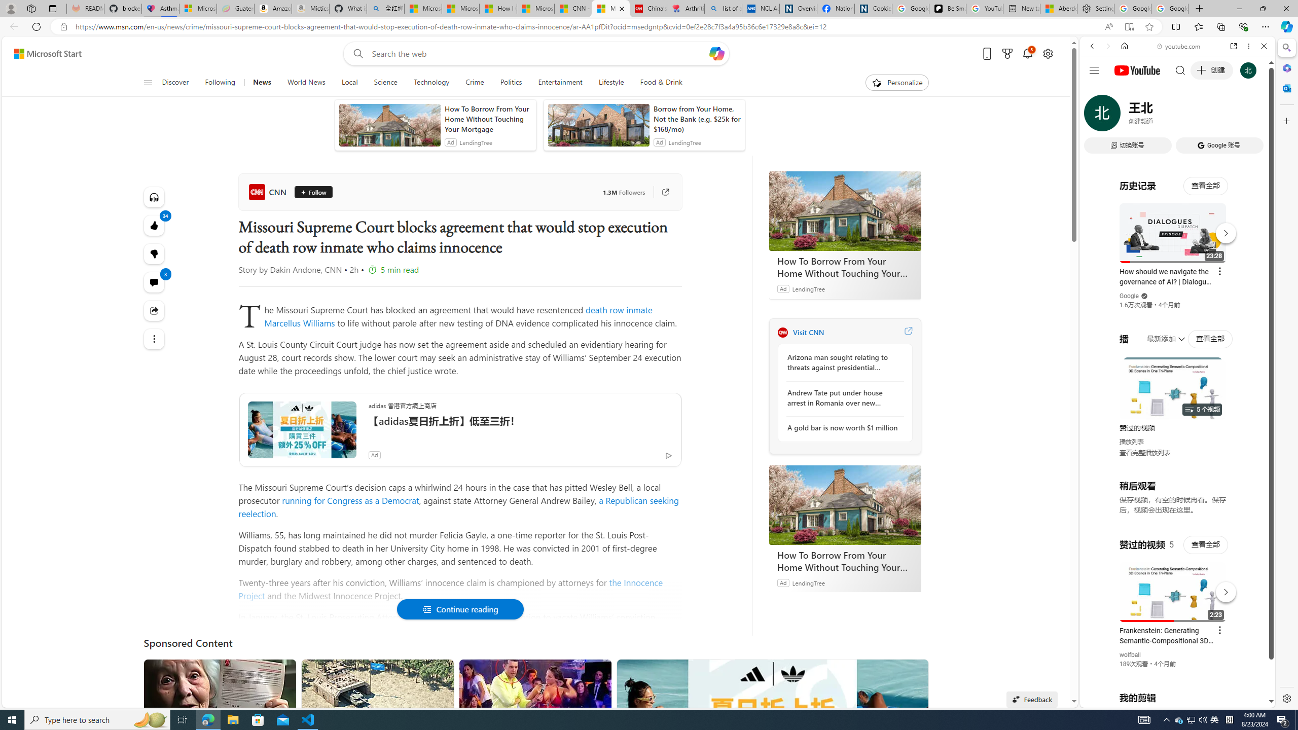 The width and height of the screenshot is (1298, 730). I want to click on 'Politics', so click(510, 82).